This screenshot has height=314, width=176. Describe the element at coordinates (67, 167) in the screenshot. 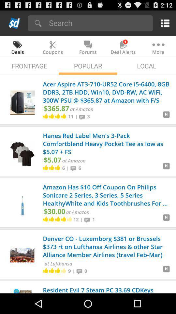

I see `|` at that location.